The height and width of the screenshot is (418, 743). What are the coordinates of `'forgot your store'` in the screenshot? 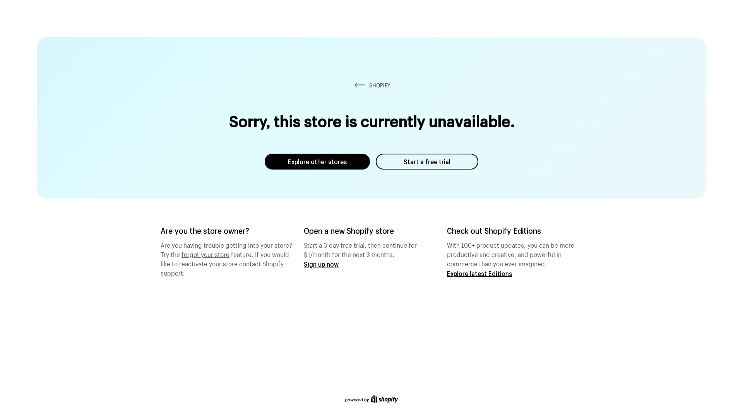 It's located at (181, 254).